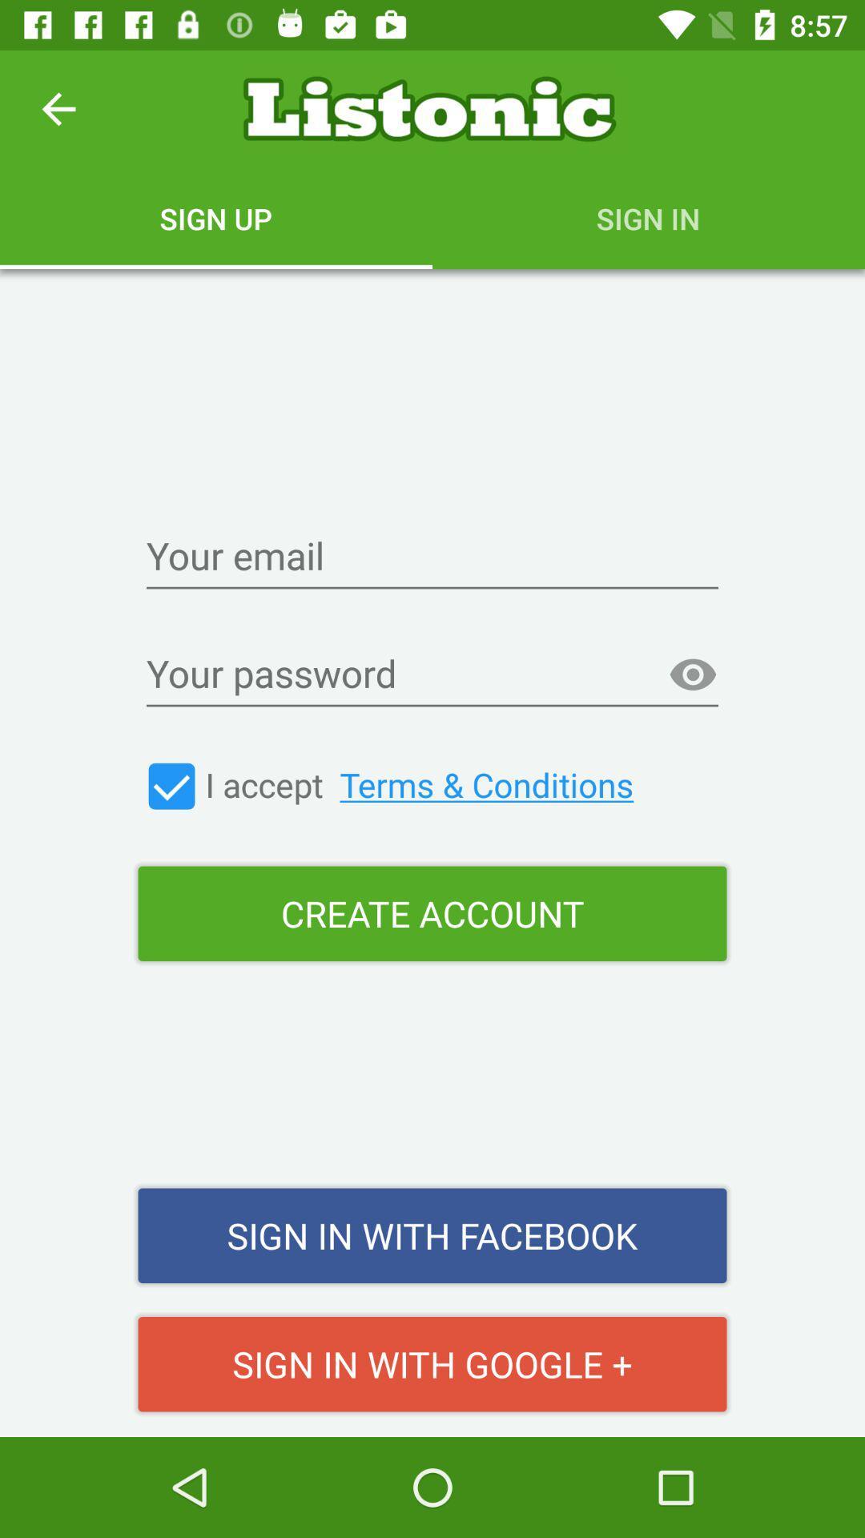 The image size is (865, 1538). Describe the element at coordinates (171, 786) in the screenshot. I see `the item above create account icon` at that location.